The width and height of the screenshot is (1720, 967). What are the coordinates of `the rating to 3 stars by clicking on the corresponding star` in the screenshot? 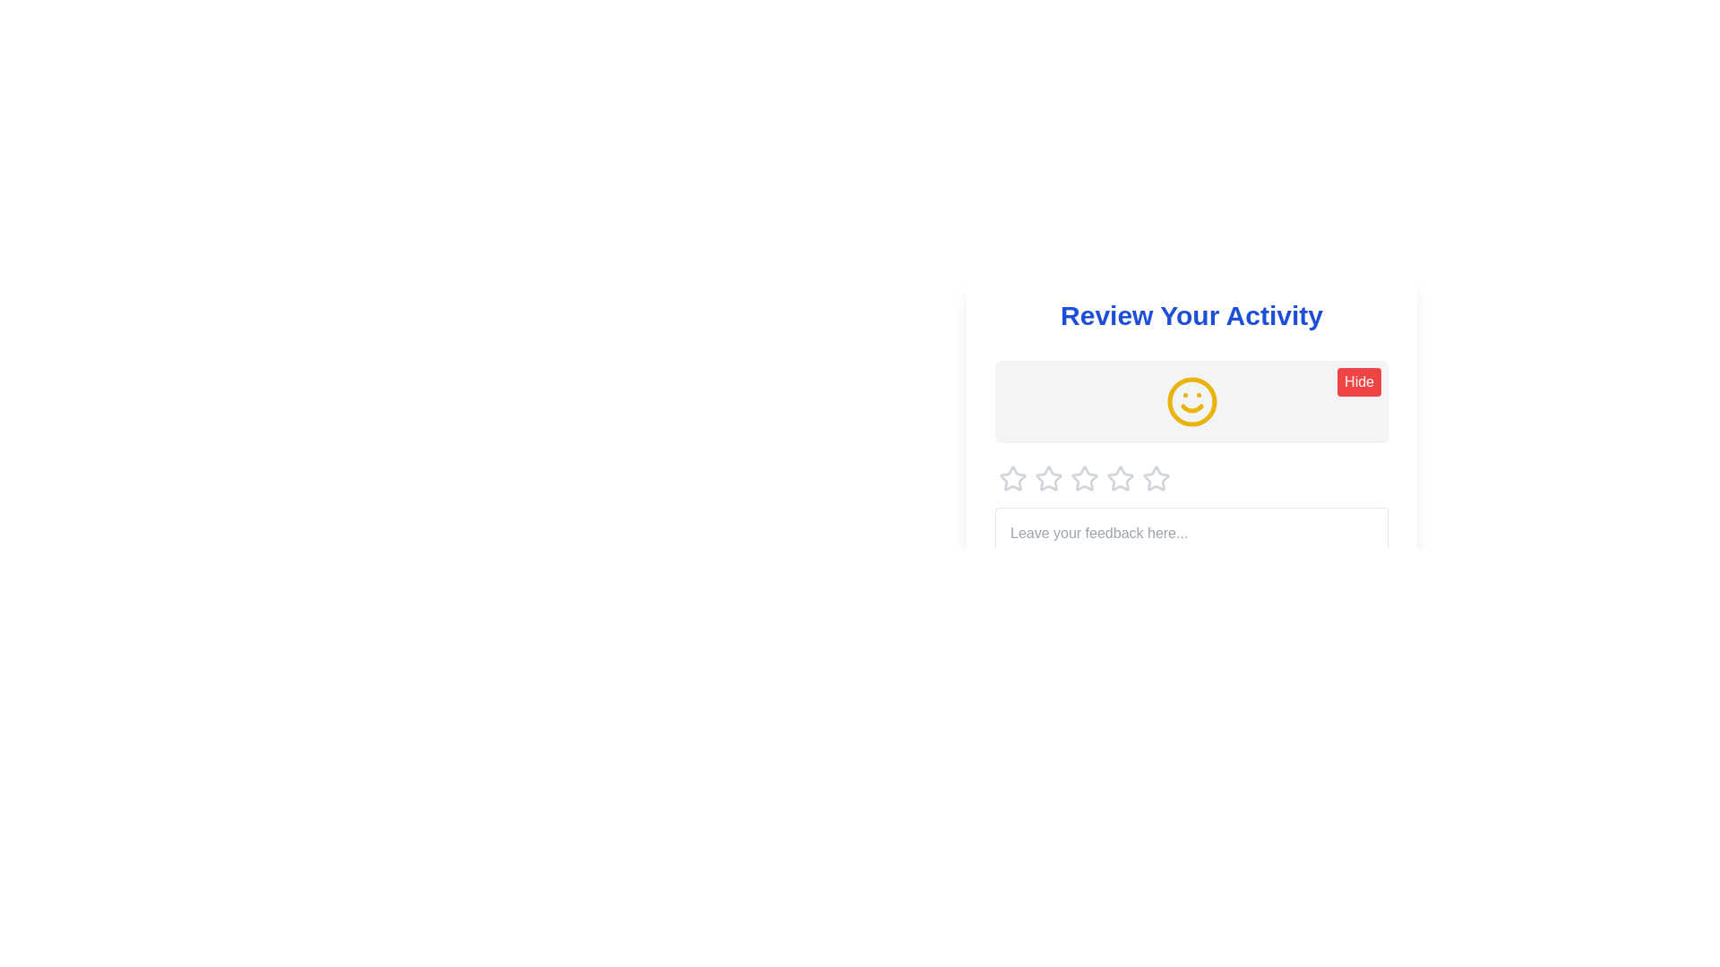 It's located at (1083, 478).